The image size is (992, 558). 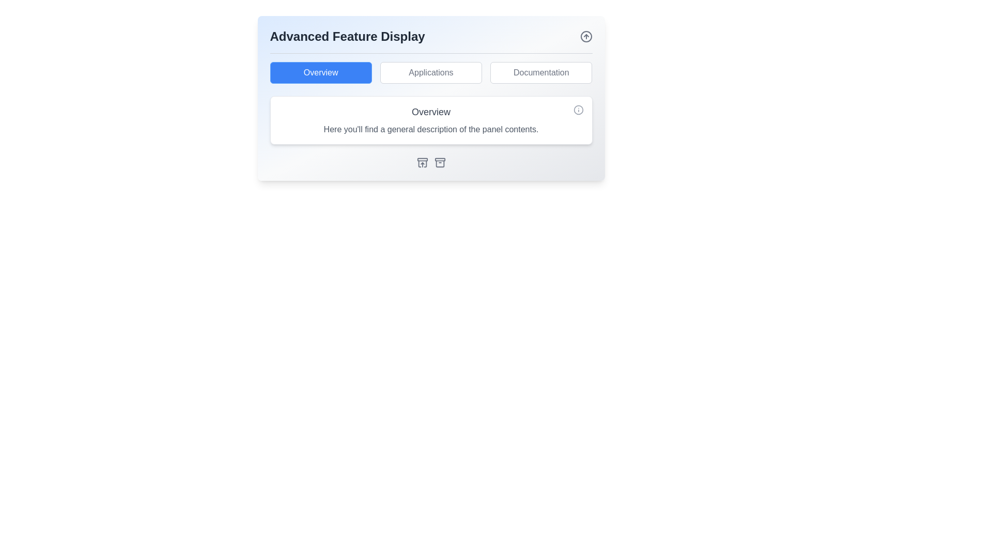 What do you see at coordinates (578, 110) in the screenshot?
I see `the informational icon located in the upper-right corner of the 'Overview' card` at bounding box center [578, 110].